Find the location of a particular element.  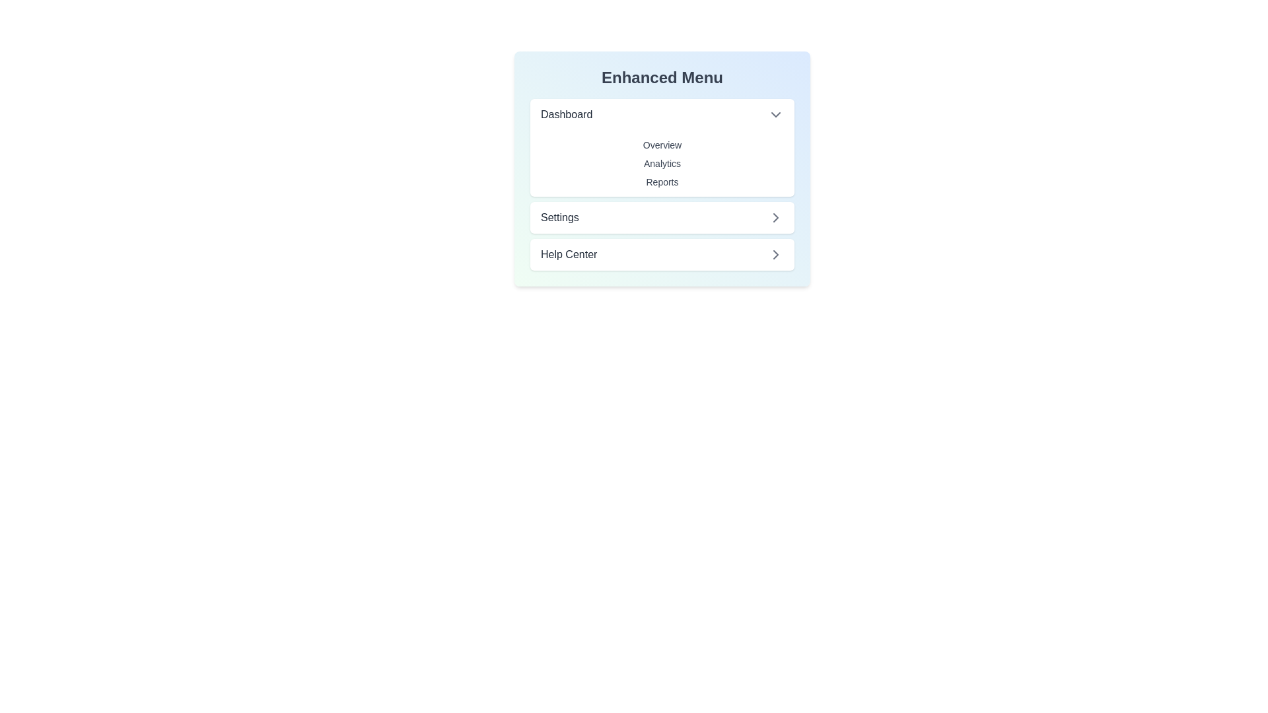

the first drop-down section labeled 'Dashboard' in the collapsible menu is located at coordinates (662, 147).